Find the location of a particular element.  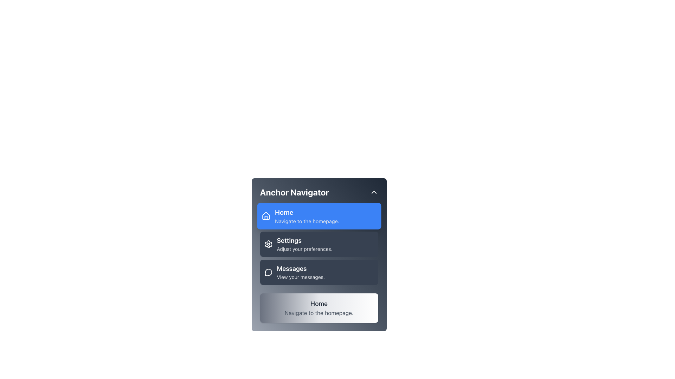

the 'Messages' text label is located at coordinates (301, 268).